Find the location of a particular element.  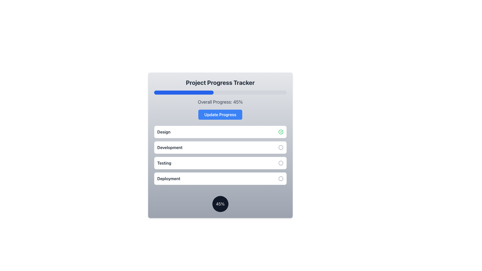

the circular green icon with a checkmark located adjacent to the 'Design' text is located at coordinates (280, 131).